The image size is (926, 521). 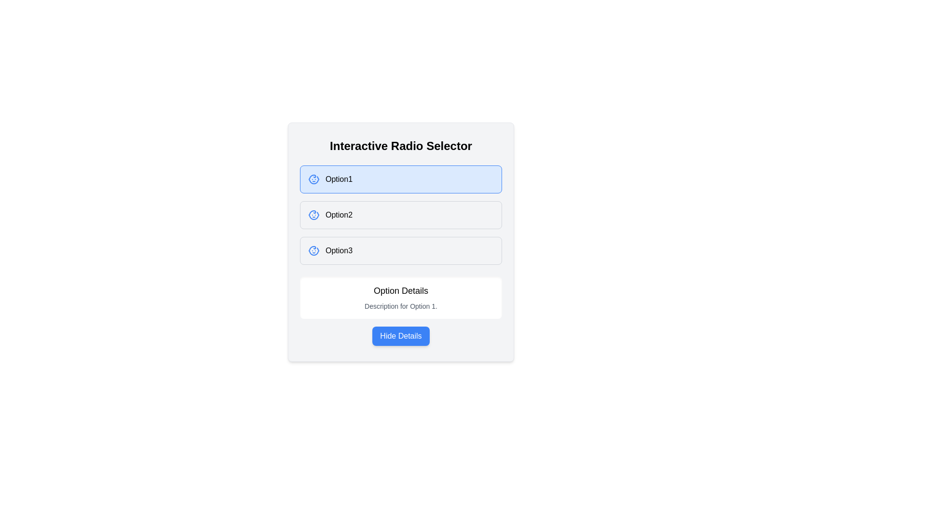 I want to click on the baby-themed icon located to the left of the 'Option3' button label, so click(x=314, y=250).